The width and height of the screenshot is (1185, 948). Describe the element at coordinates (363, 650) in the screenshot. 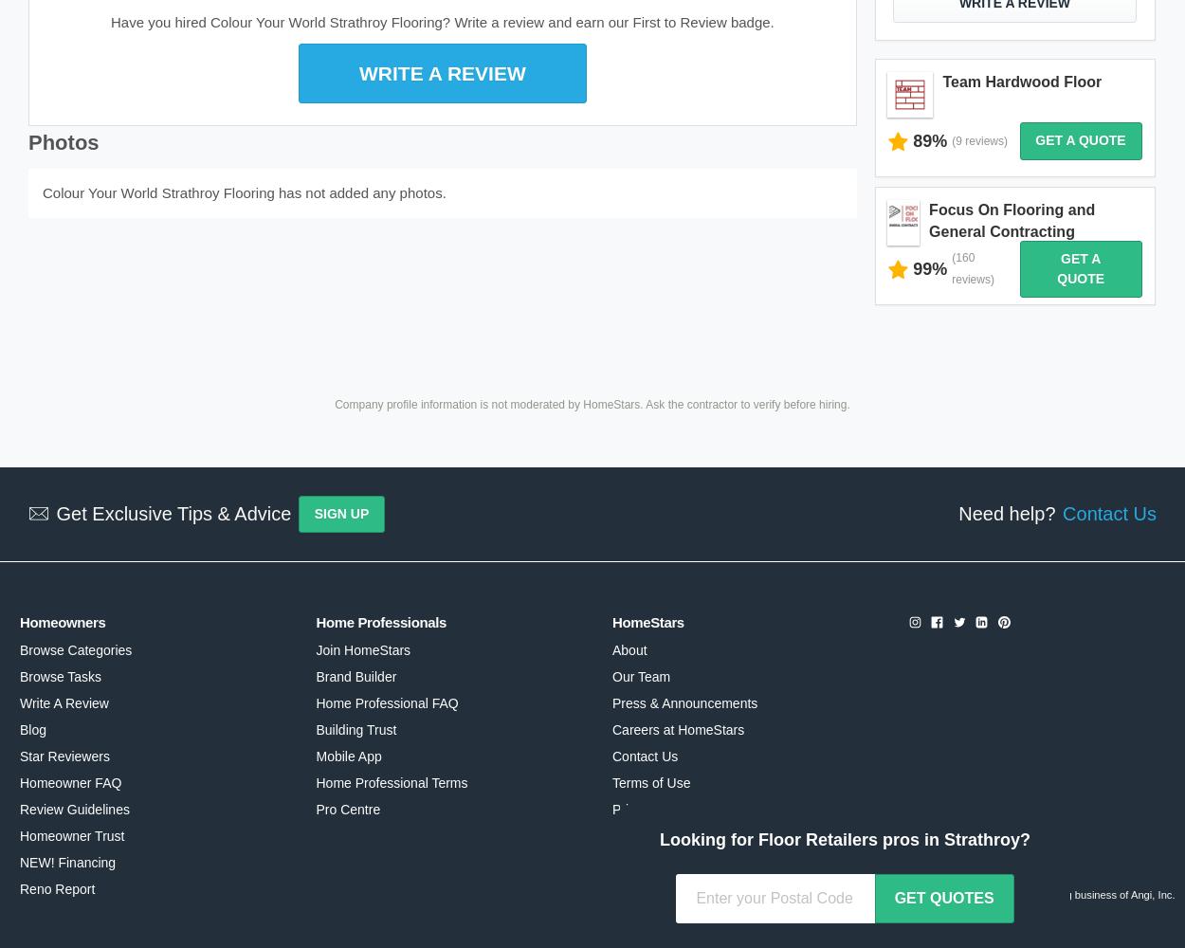

I see `'Join HomeStars'` at that location.